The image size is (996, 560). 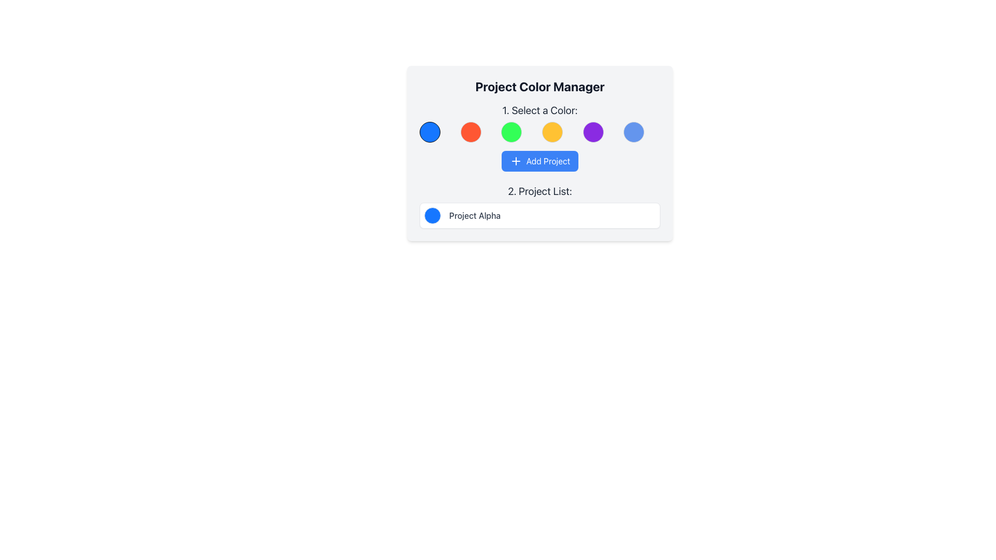 What do you see at coordinates (539, 191) in the screenshot?
I see `the Text label indicating the start of the project list section, which is positioned directly under '1. Select a Color:' and above the project list` at bounding box center [539, 191].